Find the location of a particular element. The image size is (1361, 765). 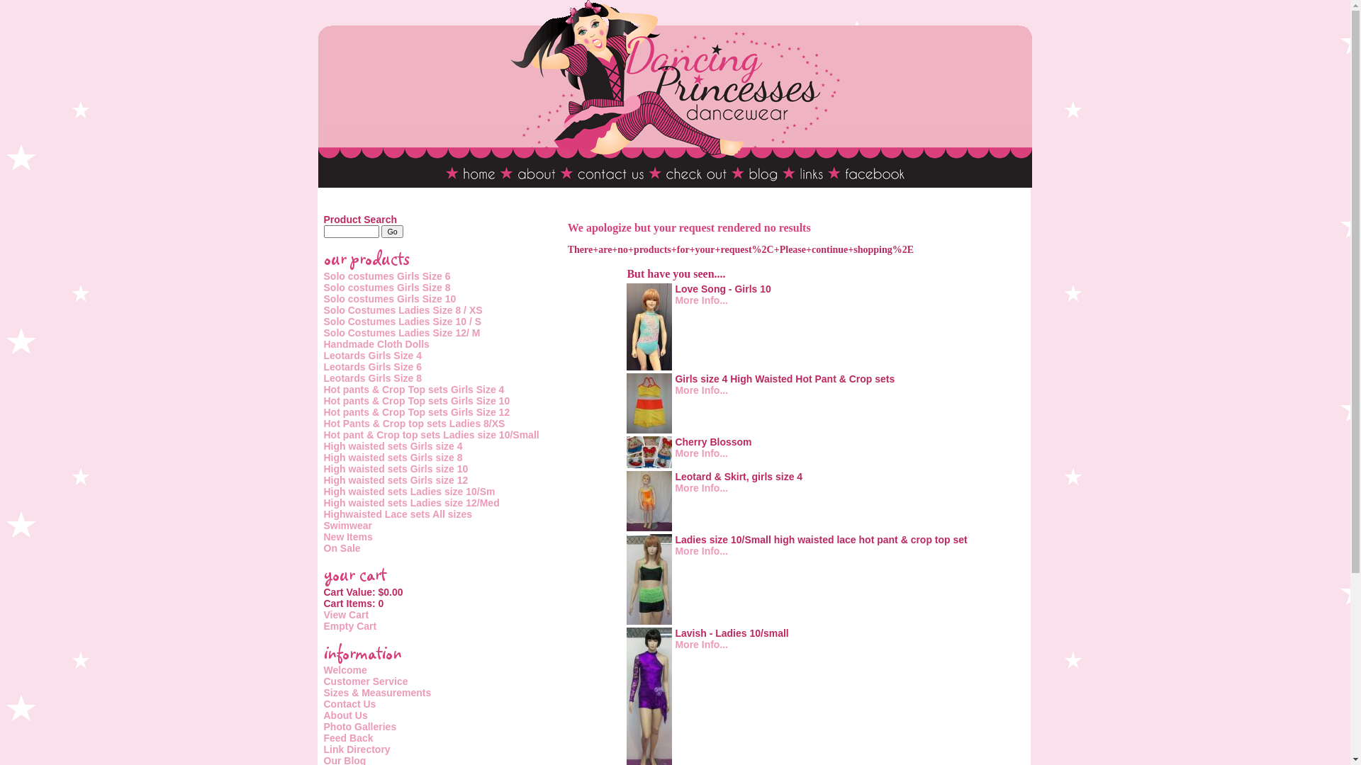

'High waisted sets Girls size 12' is located at coordinates (395, 480).